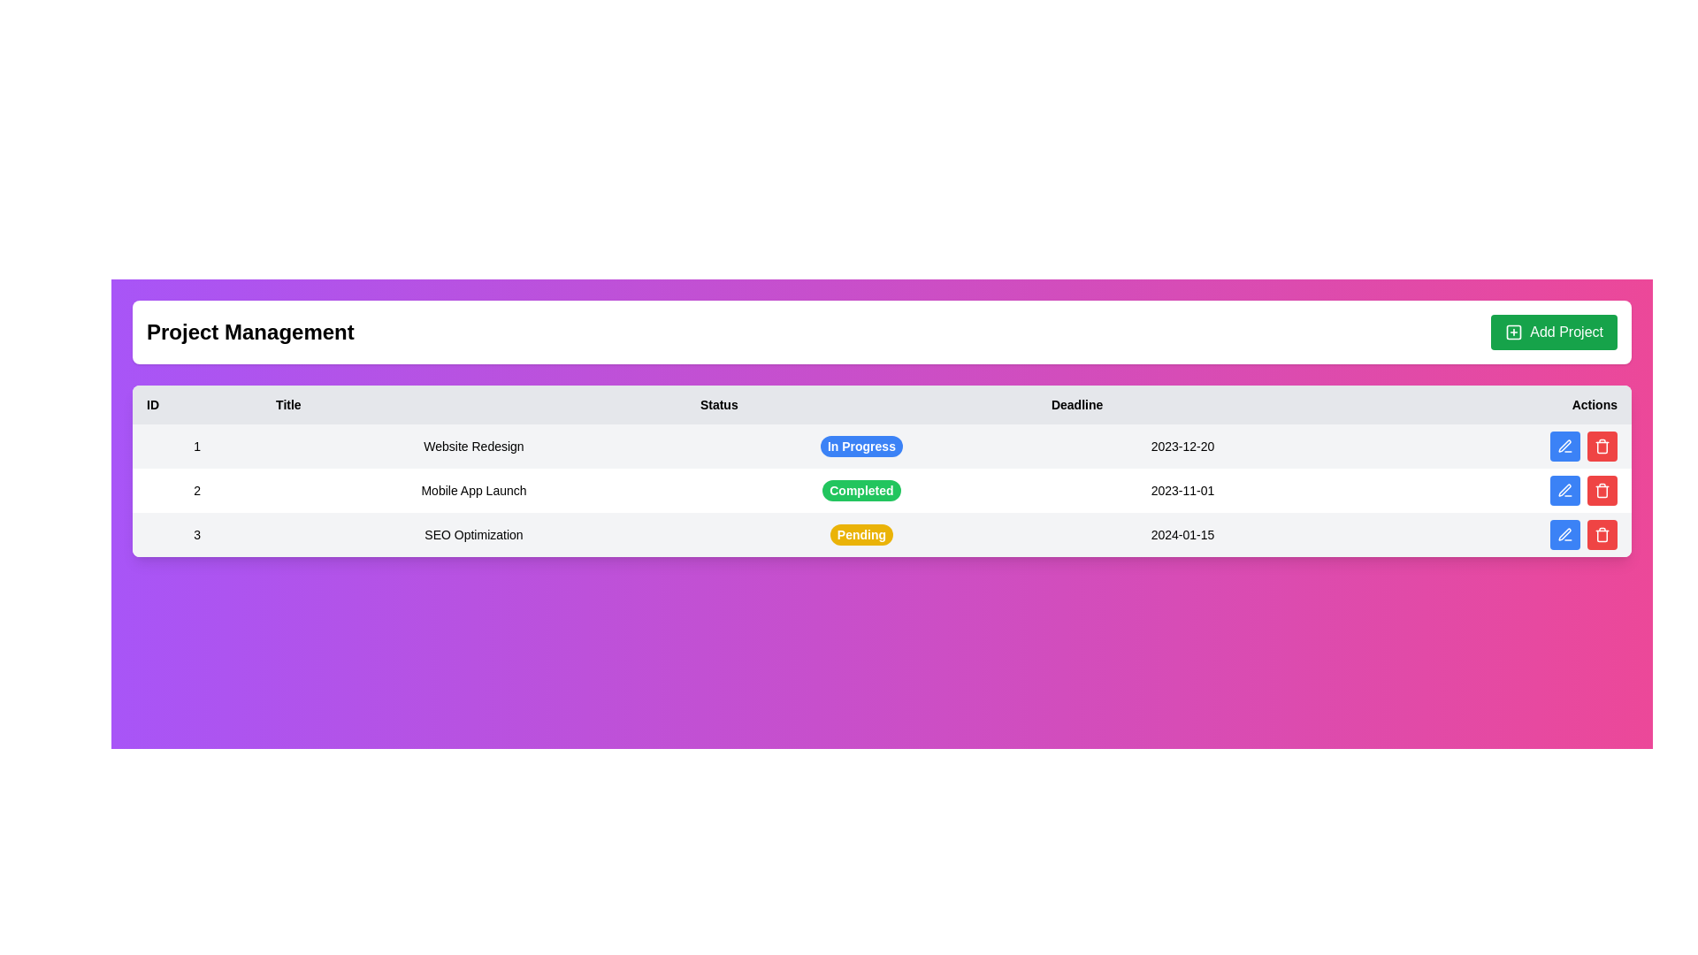 This screenshot has height=955, width=1698. What do you see at coordinates (1553, 332) in the screenshot?
I see `the 'Add Project' button, which has a bright green background and white text, using keyboard navigation` at bounding box center [1553, 332].